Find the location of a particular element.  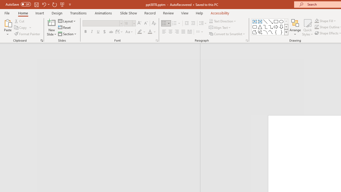

'Arrow: Down' is located at coordinates (281, 27).